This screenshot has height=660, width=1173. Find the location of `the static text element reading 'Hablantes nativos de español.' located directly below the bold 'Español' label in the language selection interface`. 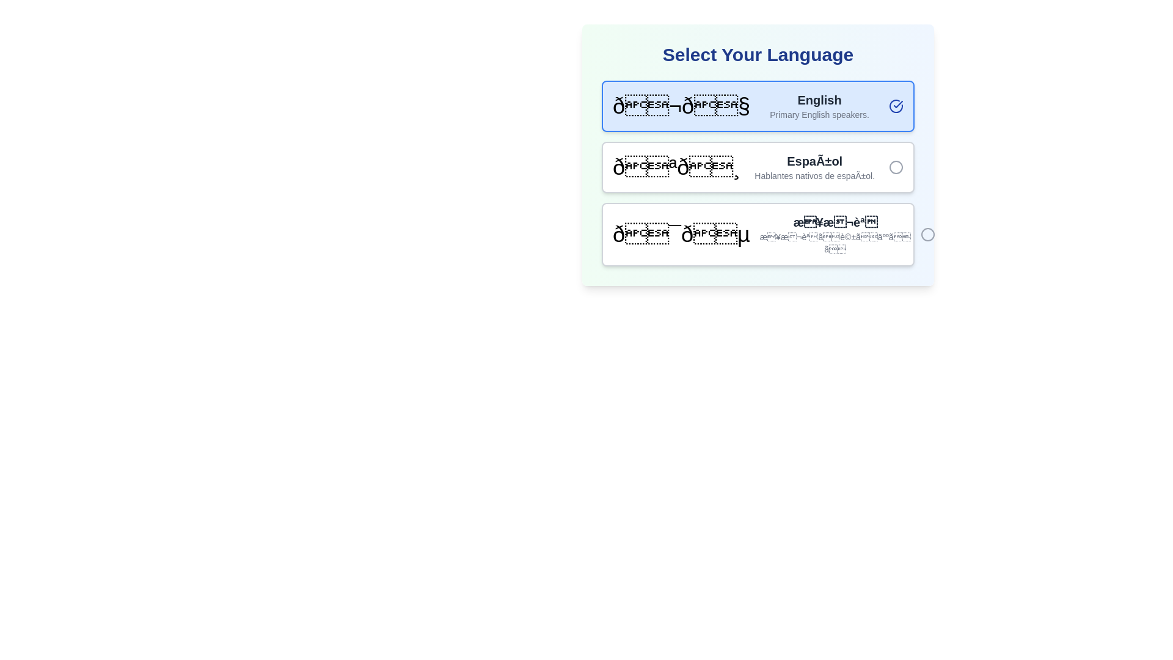

the static text element reading 'Hablantes nativos de español.' located directly below the bold 'Español' label in the language selection interface is located at coordinates (814, 176).